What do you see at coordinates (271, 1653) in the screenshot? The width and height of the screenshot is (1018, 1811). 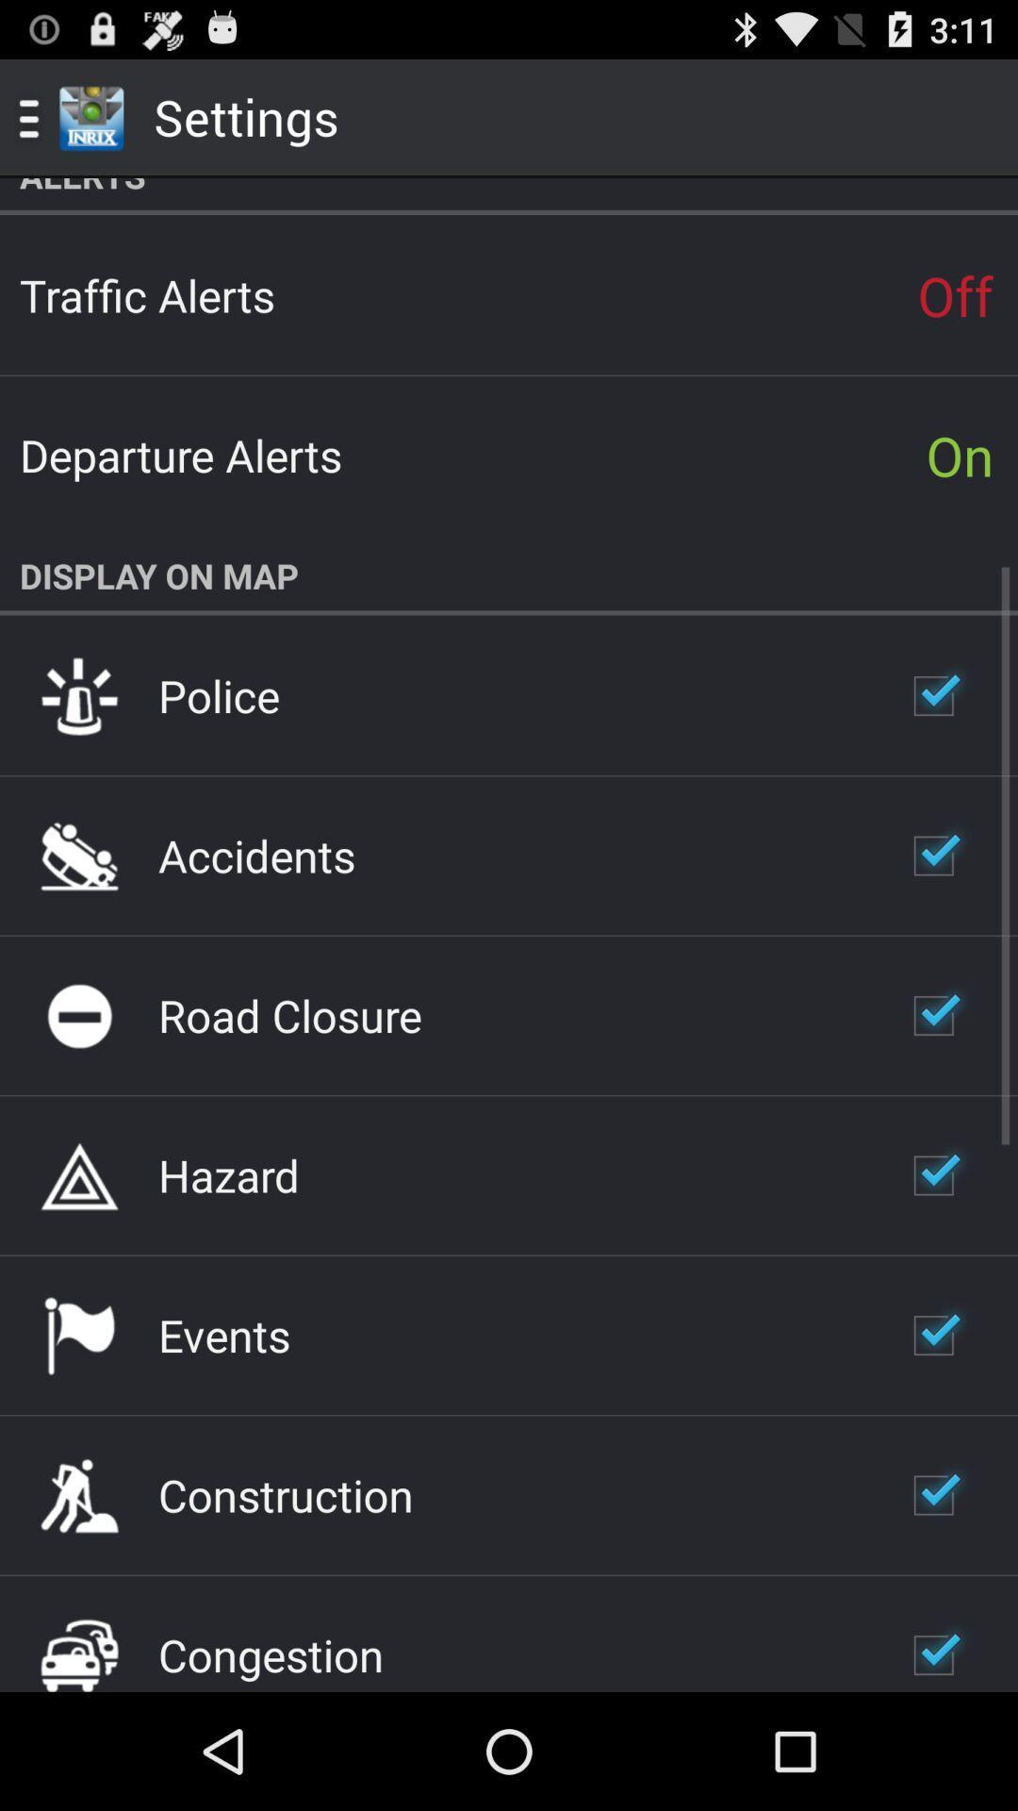 I see `congestion app` at bounding box center [271, 1653].